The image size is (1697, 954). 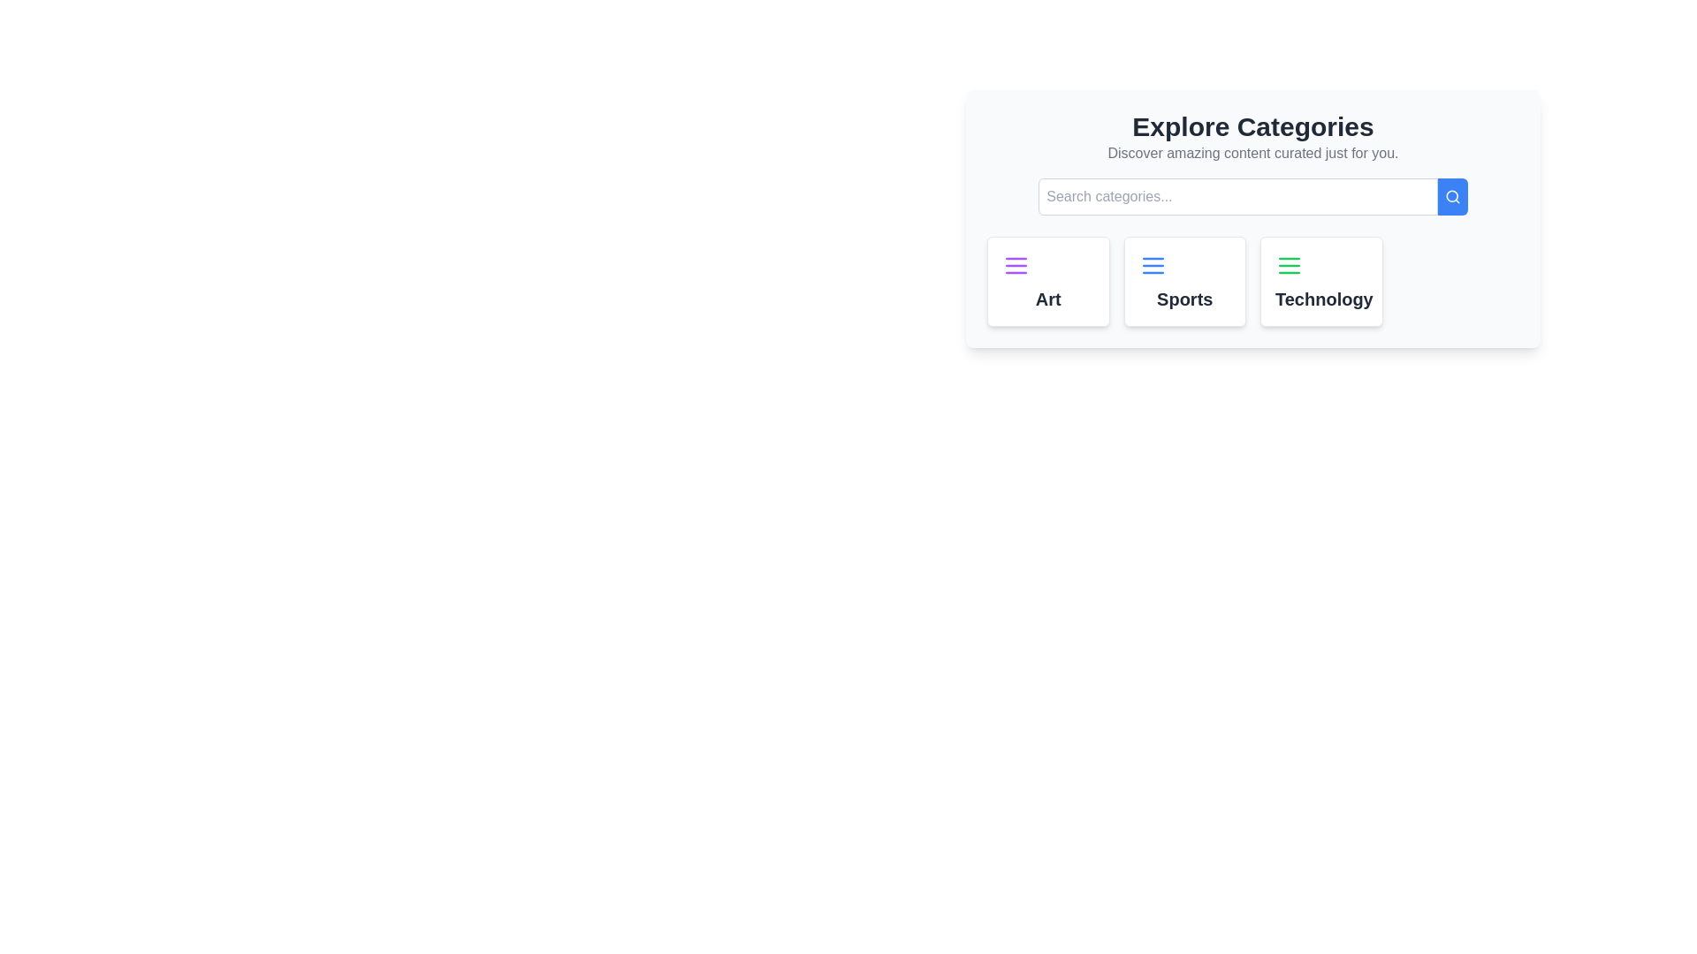 I want to click on the 'Sports' text label that displays the category title, located prominently below a menu icon in the second category option of the 'Explore Categories' section, so click(x=1184, y=299).